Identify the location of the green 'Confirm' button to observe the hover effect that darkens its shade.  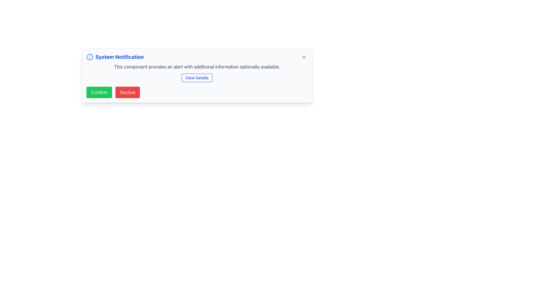
(99, 92).